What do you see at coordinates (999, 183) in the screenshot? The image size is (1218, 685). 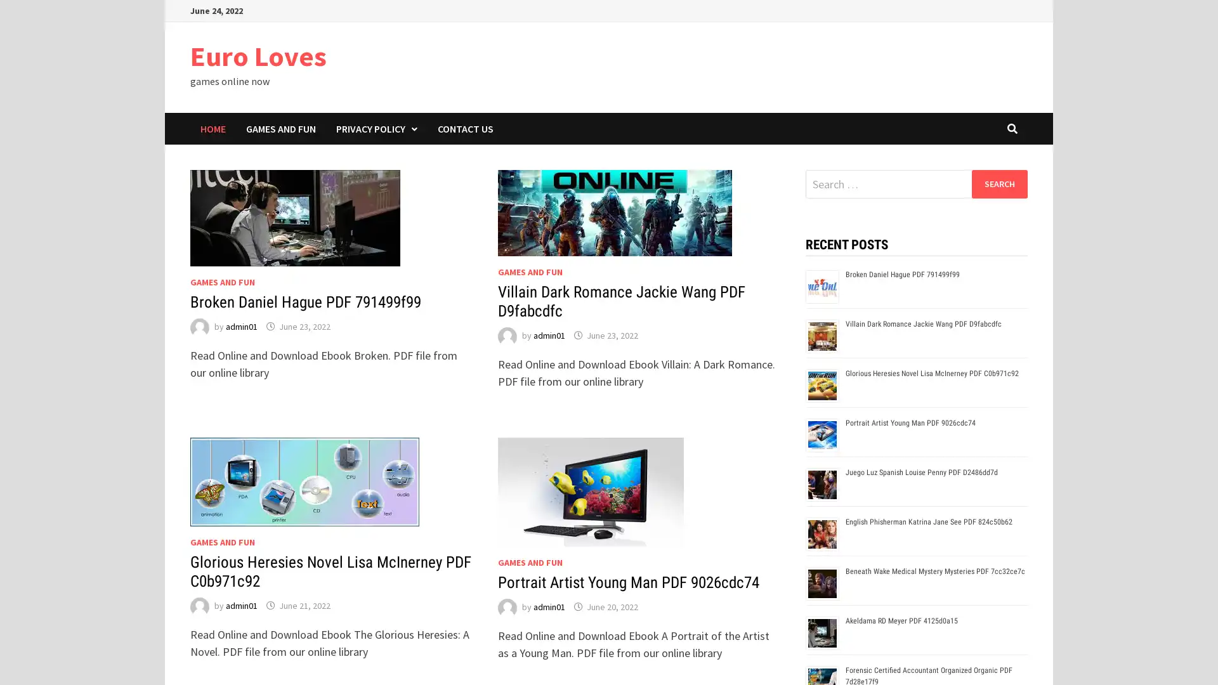 I see `Search` at bounding box center [999, 183].